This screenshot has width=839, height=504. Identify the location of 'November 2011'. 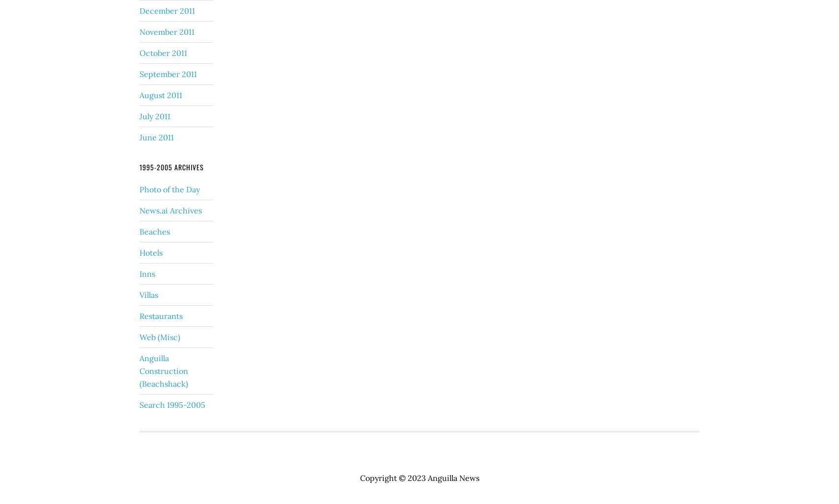
(140, 30).